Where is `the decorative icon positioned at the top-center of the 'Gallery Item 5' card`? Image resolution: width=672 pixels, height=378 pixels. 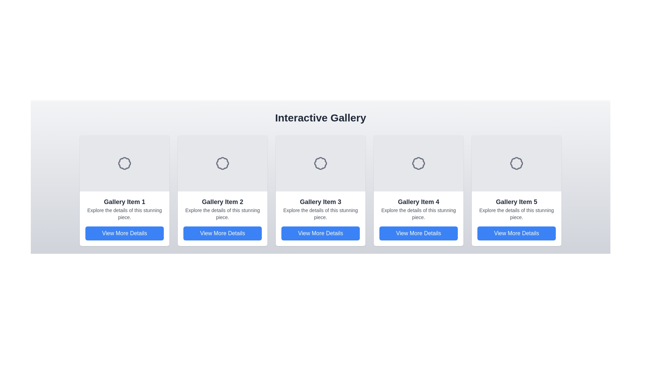
the decorative icon positioned at the top-center of the 'Gallery Item 5' card is located at coordinates (516, 163).